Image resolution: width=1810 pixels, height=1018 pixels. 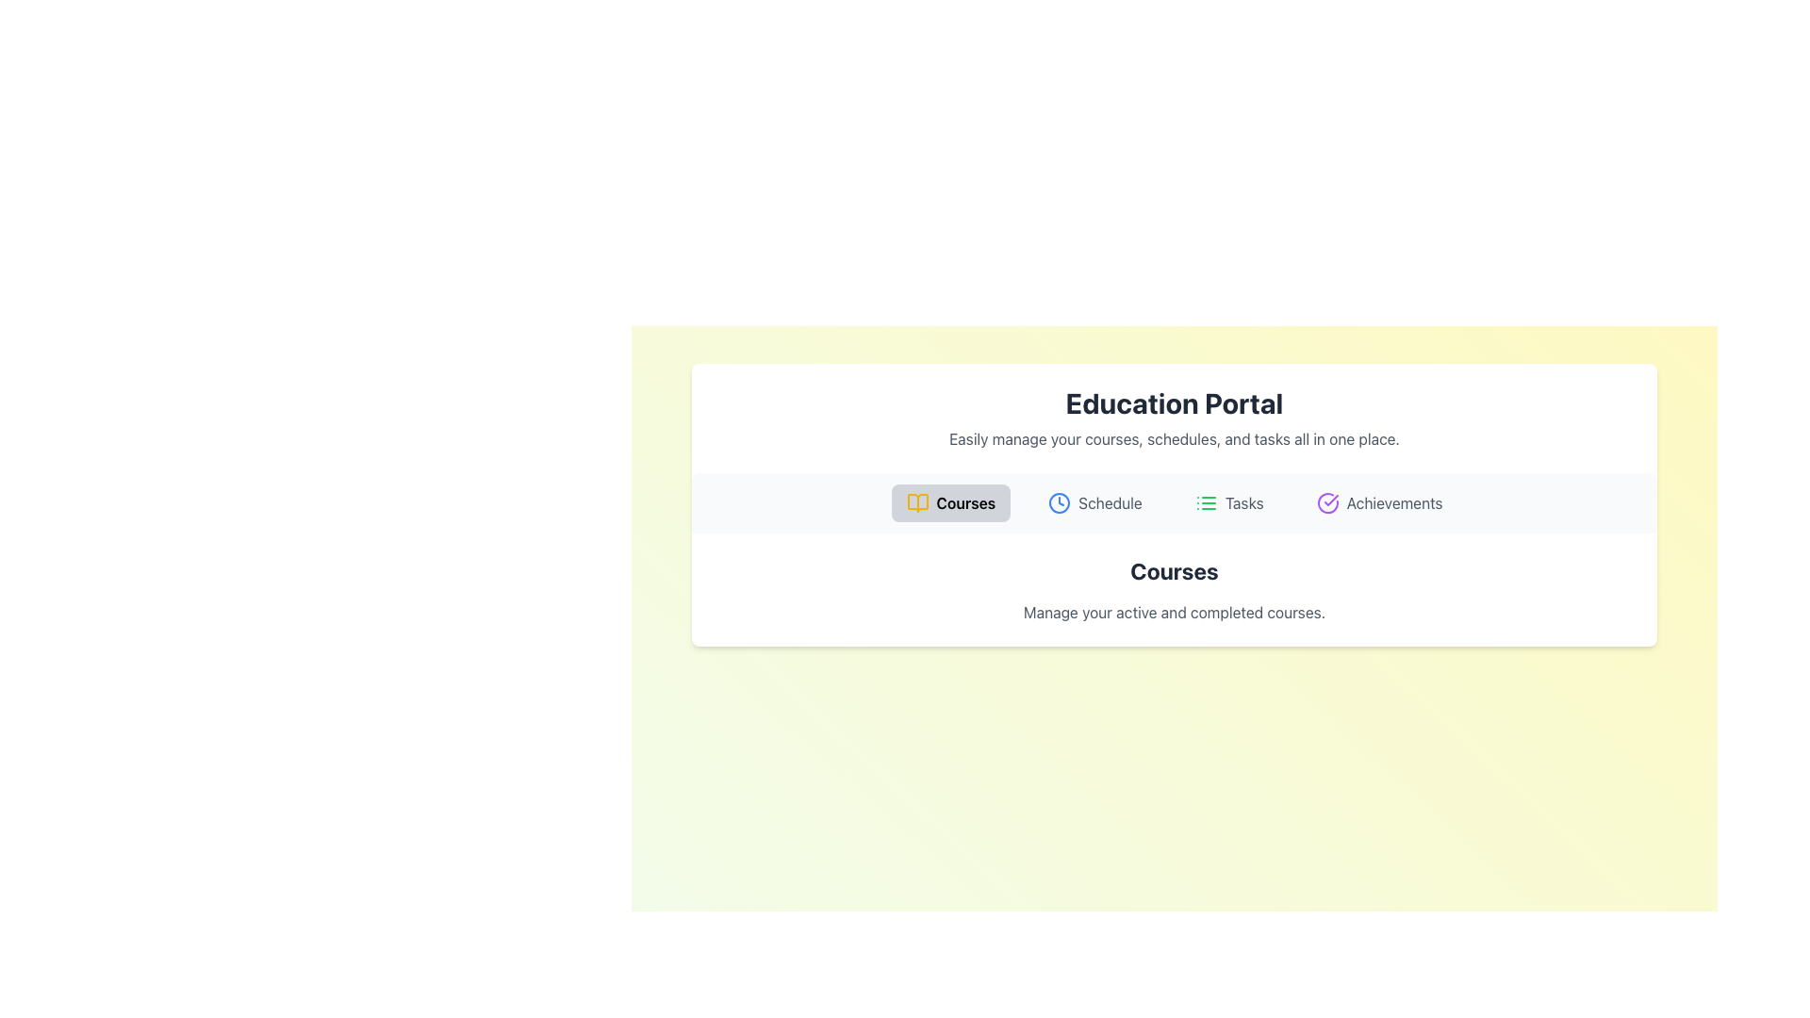 What do you see at coordinates (1111, 501) in the screenshot?
I see `the 'Schedule' text label, which is styled in gray and is part of a navigation bar` at bounding box center [1111, 501].